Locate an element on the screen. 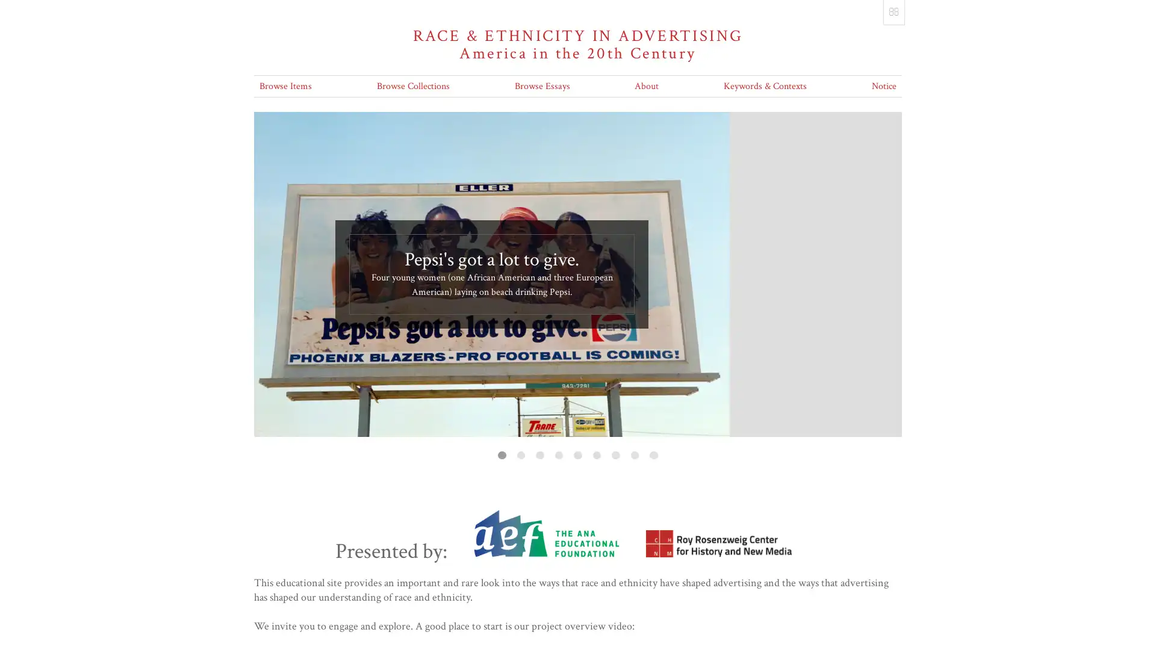 This screenshot has width=1156, height=650. 5 is located at coordinates (577, 455).